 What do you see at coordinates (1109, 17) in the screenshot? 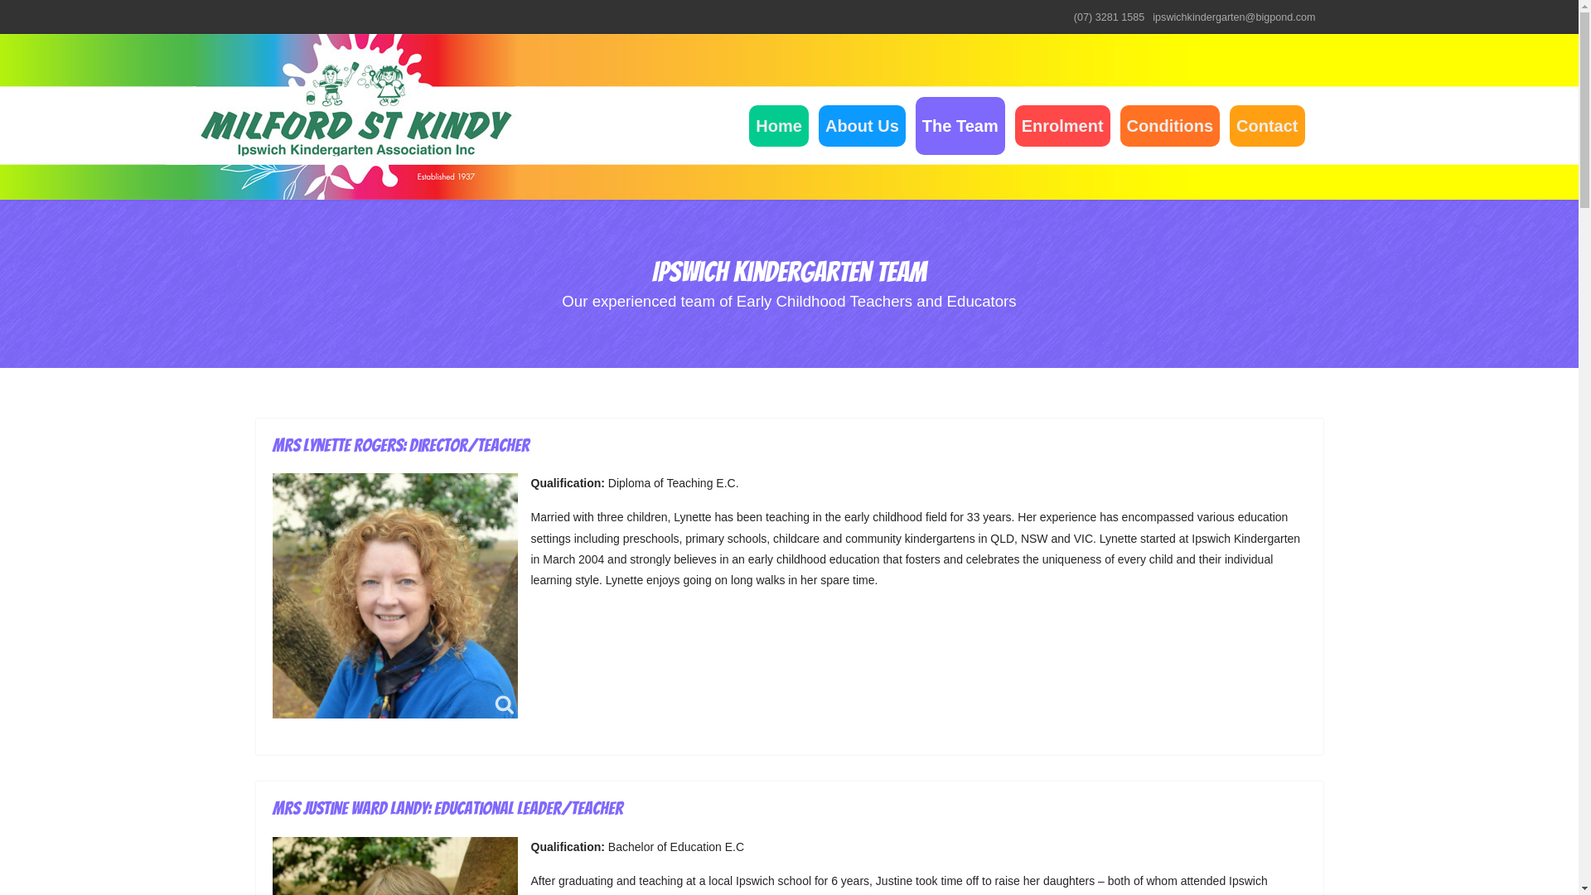
I see `'(07) 3281 1585'` at bounding box center [1109, 17].